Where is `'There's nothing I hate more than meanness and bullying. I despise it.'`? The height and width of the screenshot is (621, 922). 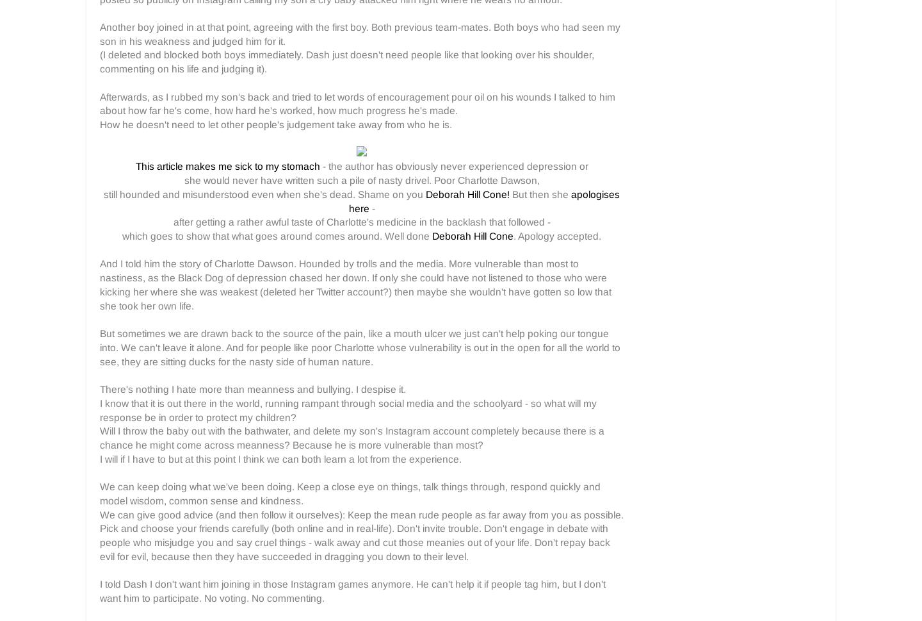
'There's nothing I hate more than meanness and bullying. I despise it.' is located at coordinates (99, 388).